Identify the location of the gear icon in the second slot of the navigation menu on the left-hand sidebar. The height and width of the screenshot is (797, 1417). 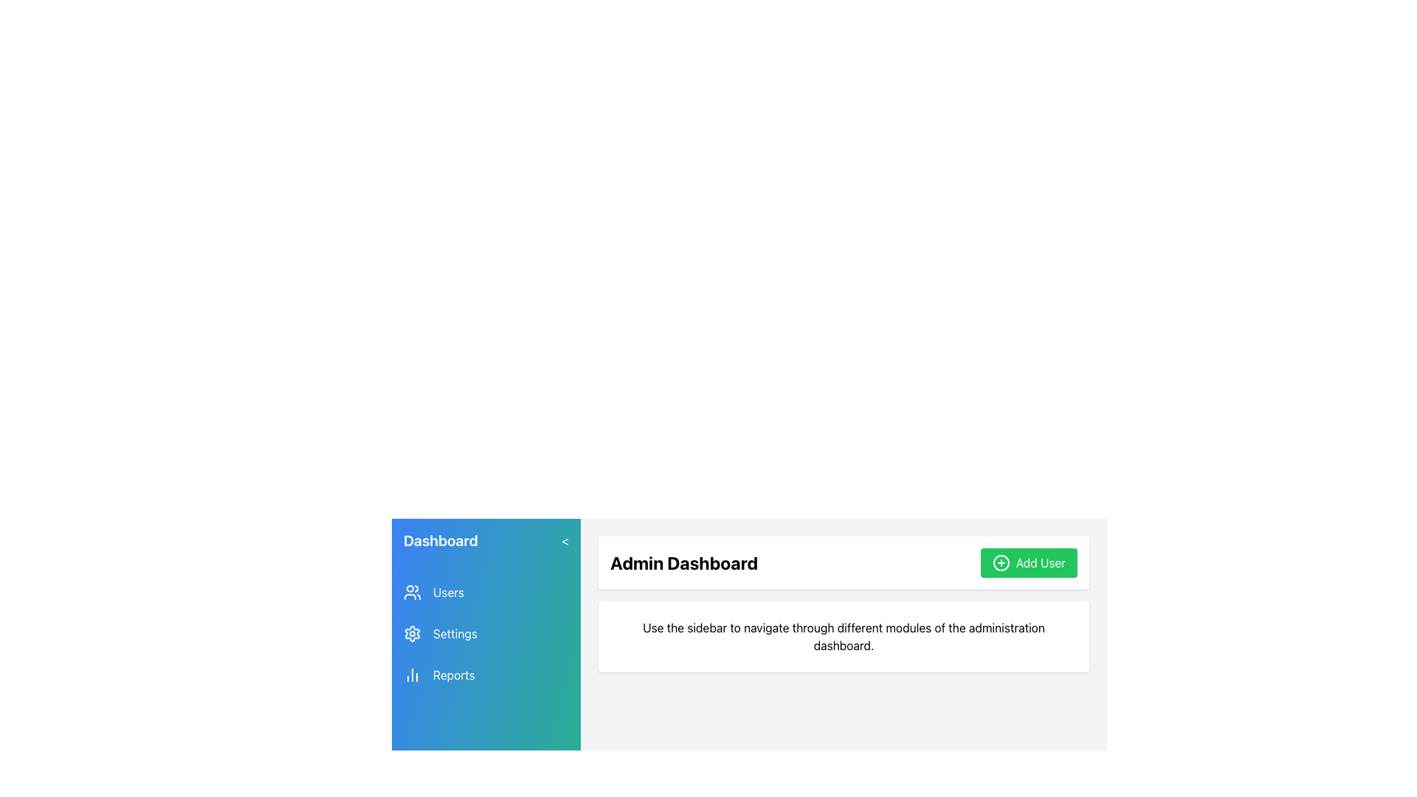
(412, 633).